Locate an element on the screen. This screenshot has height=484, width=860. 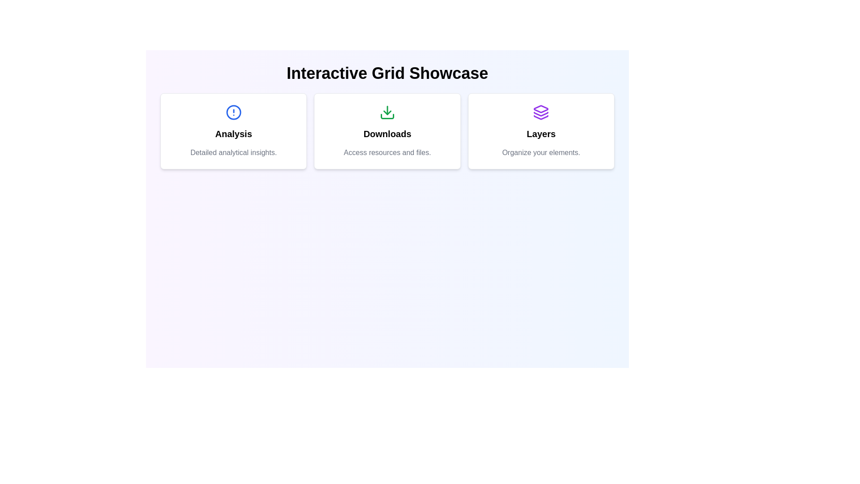
the lower horizontal component of the download icon in the 'Downloads' section card is located at coordinates (387, 116).